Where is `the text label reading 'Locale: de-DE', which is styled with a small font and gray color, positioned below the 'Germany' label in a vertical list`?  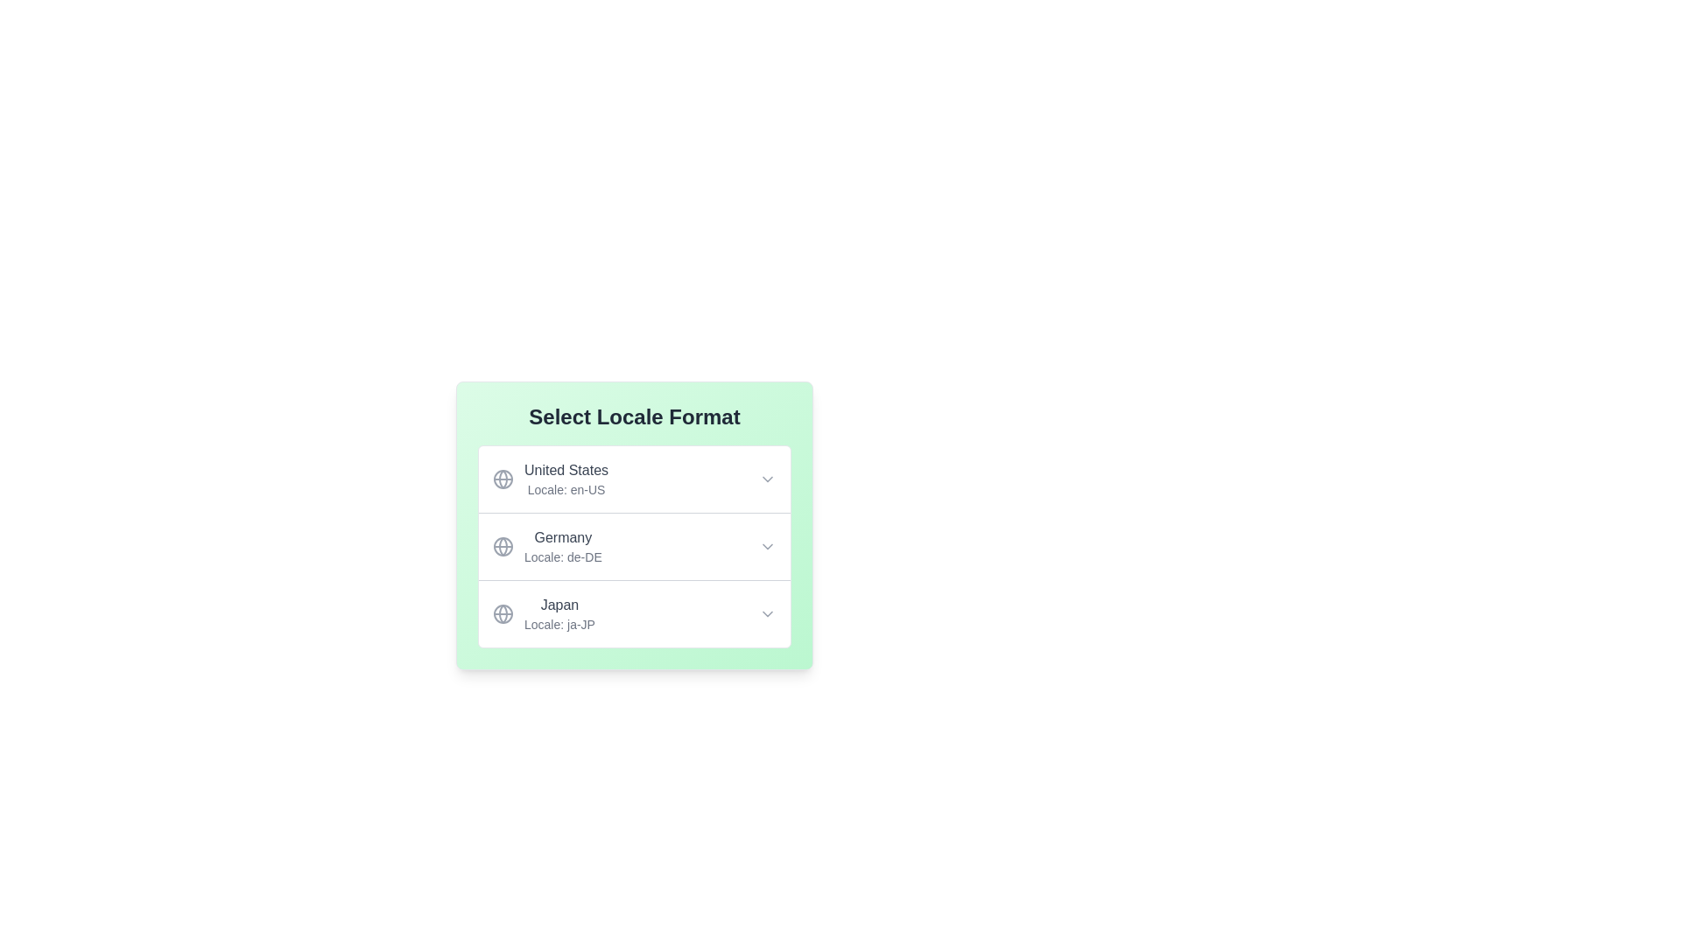 the text label reading 'Locale: de-DE', which is styled with a small font and gray color, positioned below the 'Germany' label in a vertical list is located at coordinates (563, 556).